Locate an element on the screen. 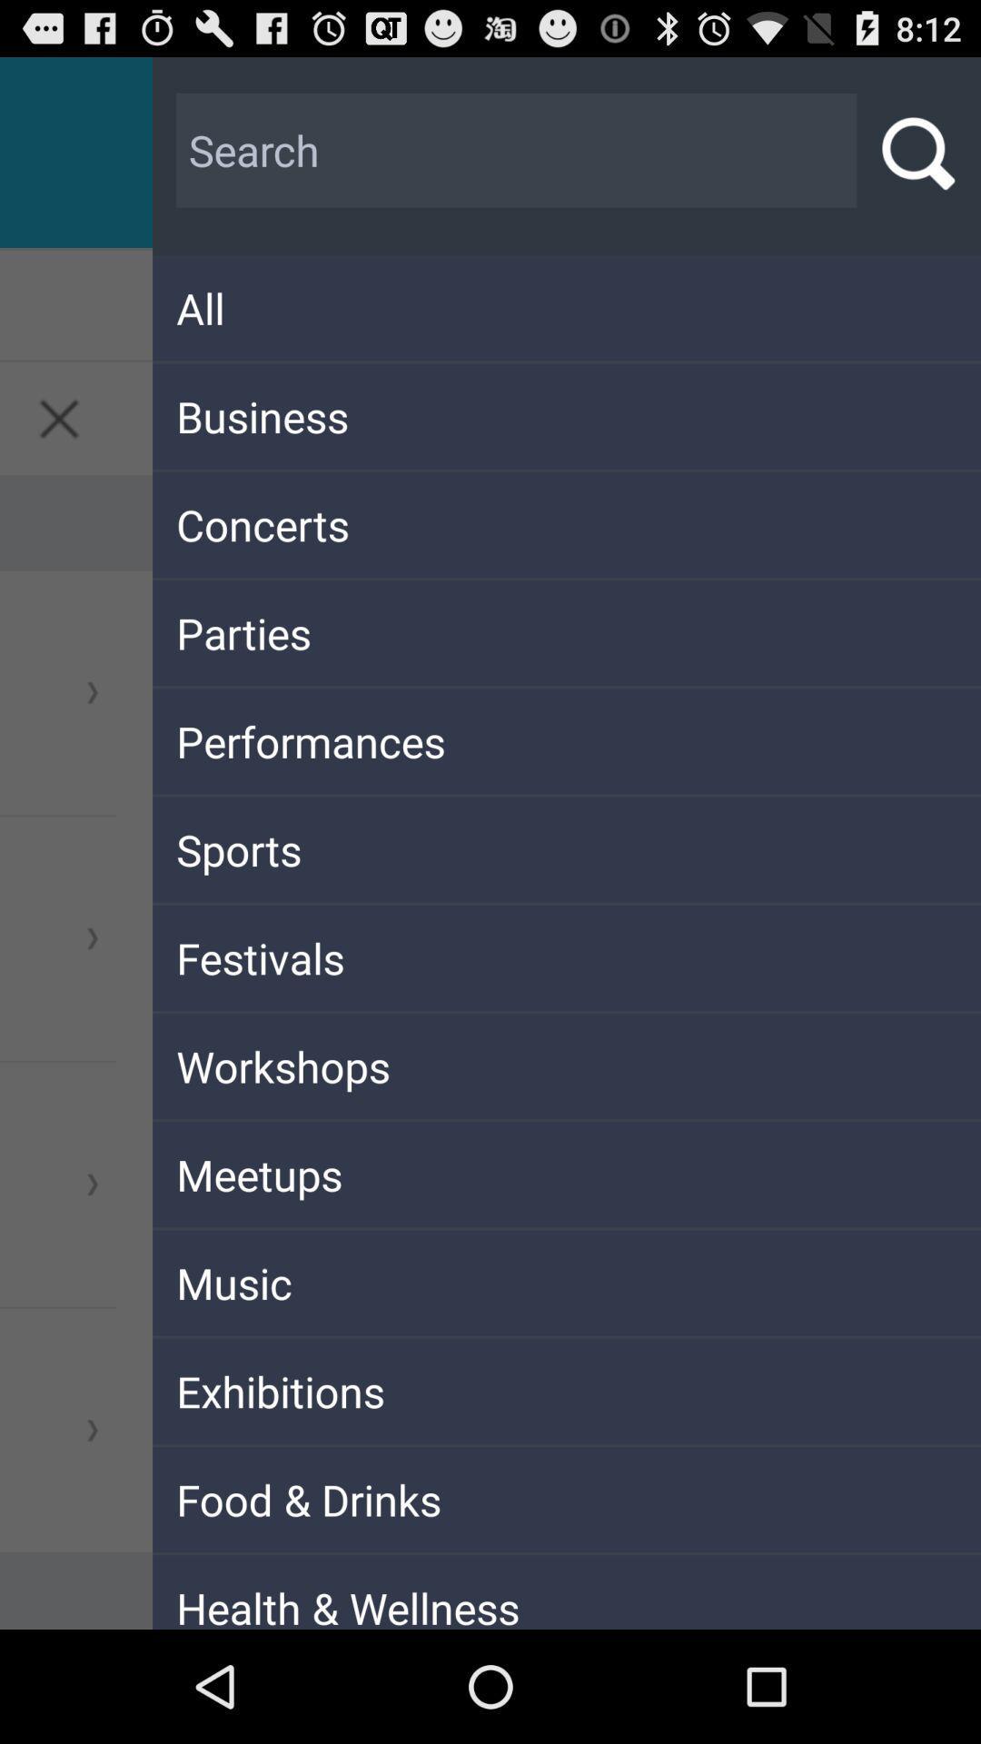 This screenshot has height=1744, width=981. the third arrow symbol from top is located at coordinates (92, 1184).